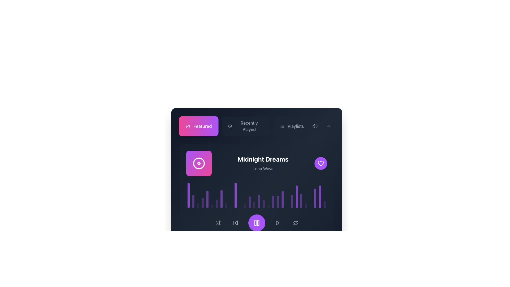  I want to click on the heart-shaped purple icon located at the top-right corner of the central album information card, so click(321, 163).